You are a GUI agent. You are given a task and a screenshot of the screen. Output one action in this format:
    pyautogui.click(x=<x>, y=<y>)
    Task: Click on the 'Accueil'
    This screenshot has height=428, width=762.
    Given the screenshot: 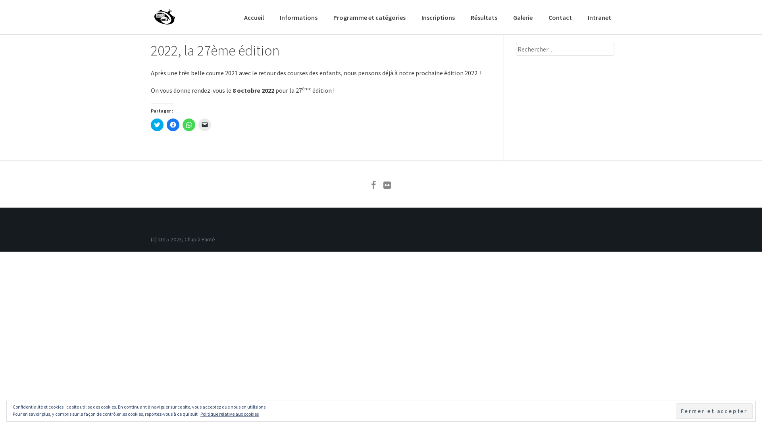 What is the action you would take?
    pyautogui.click(x=236, y=17)
    